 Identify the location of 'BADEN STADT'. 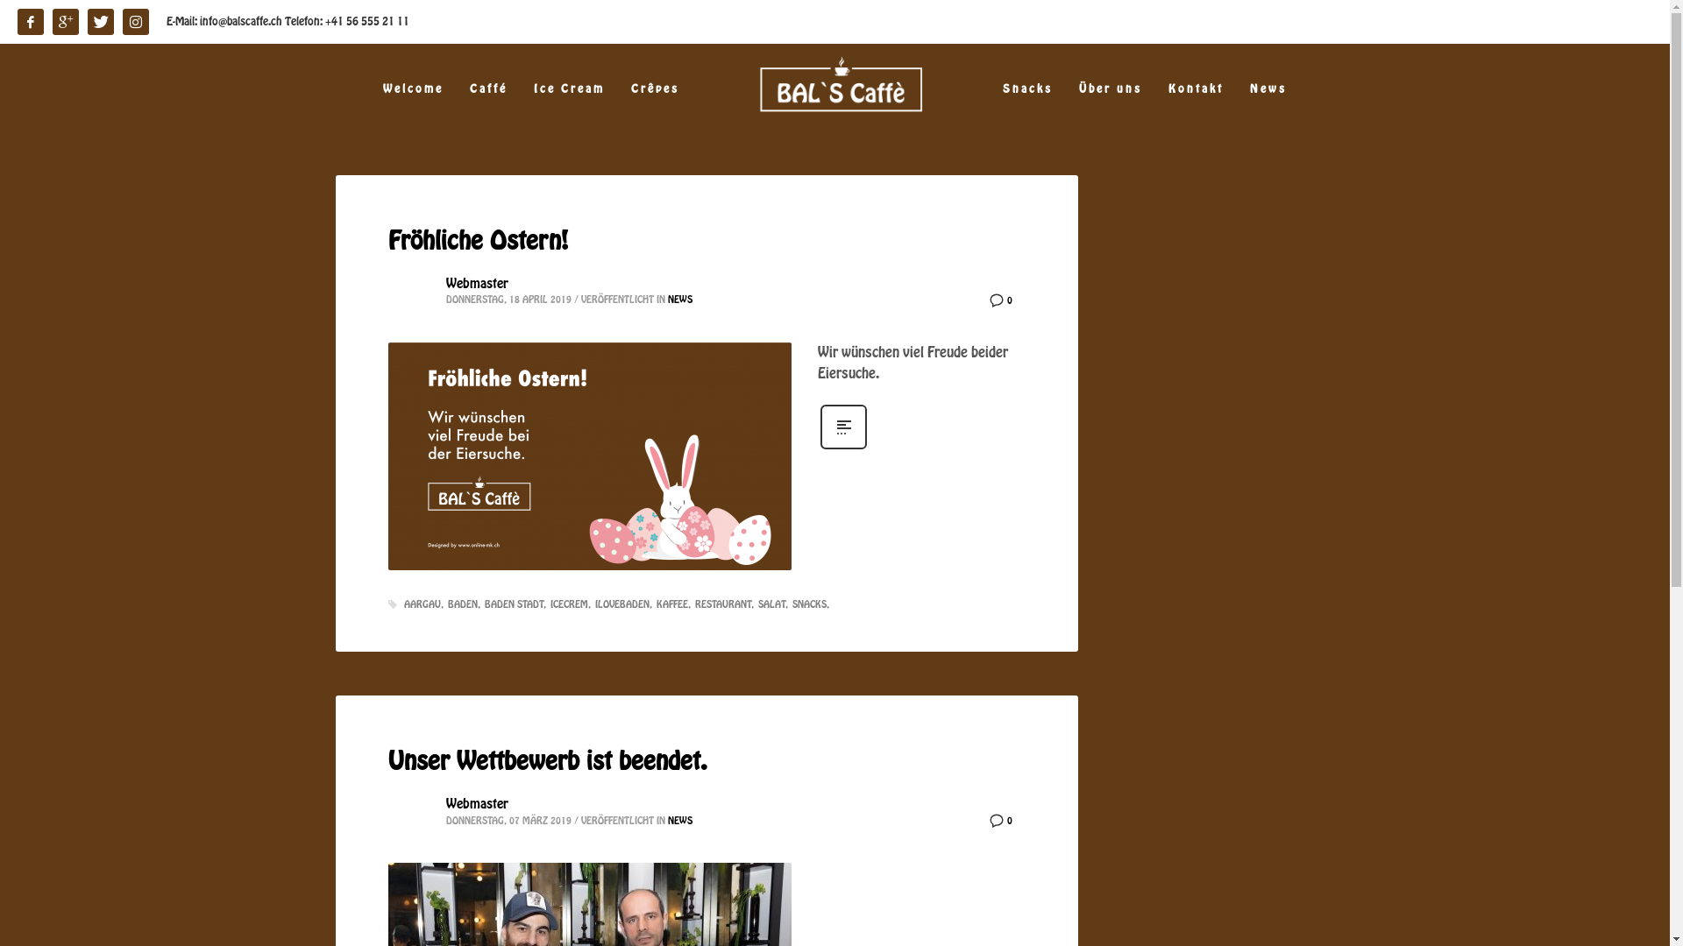
(484, 604).